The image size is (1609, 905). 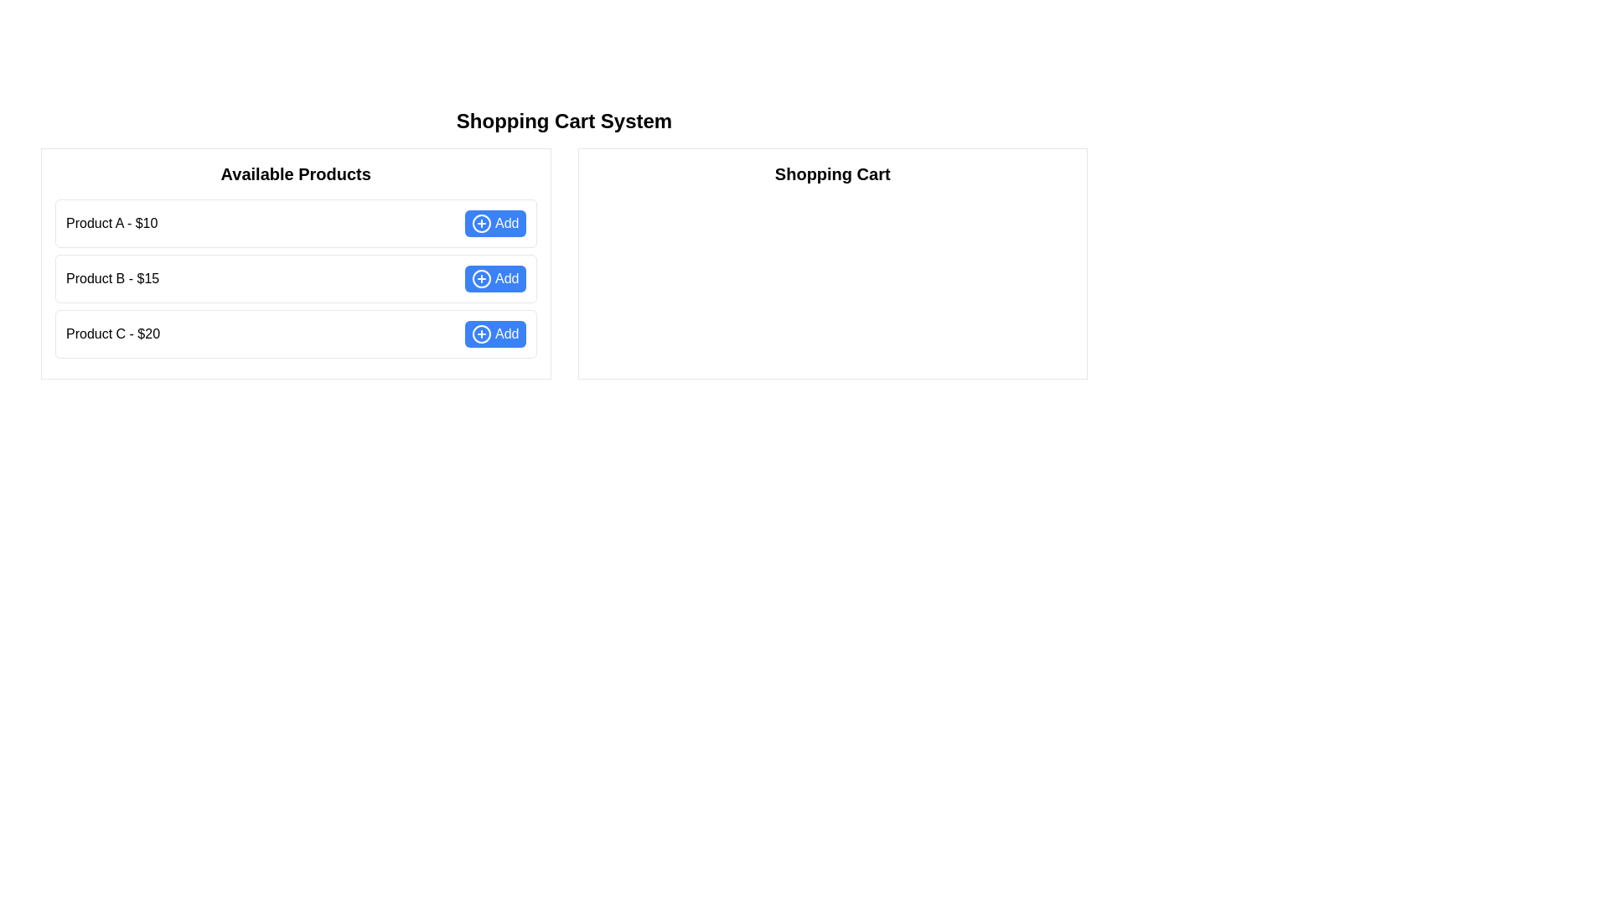 I want to click on the prominently displayed text label reading 'Available Products', which serves as a heading in the top left segment of the interface, so click(x=296, y=174).